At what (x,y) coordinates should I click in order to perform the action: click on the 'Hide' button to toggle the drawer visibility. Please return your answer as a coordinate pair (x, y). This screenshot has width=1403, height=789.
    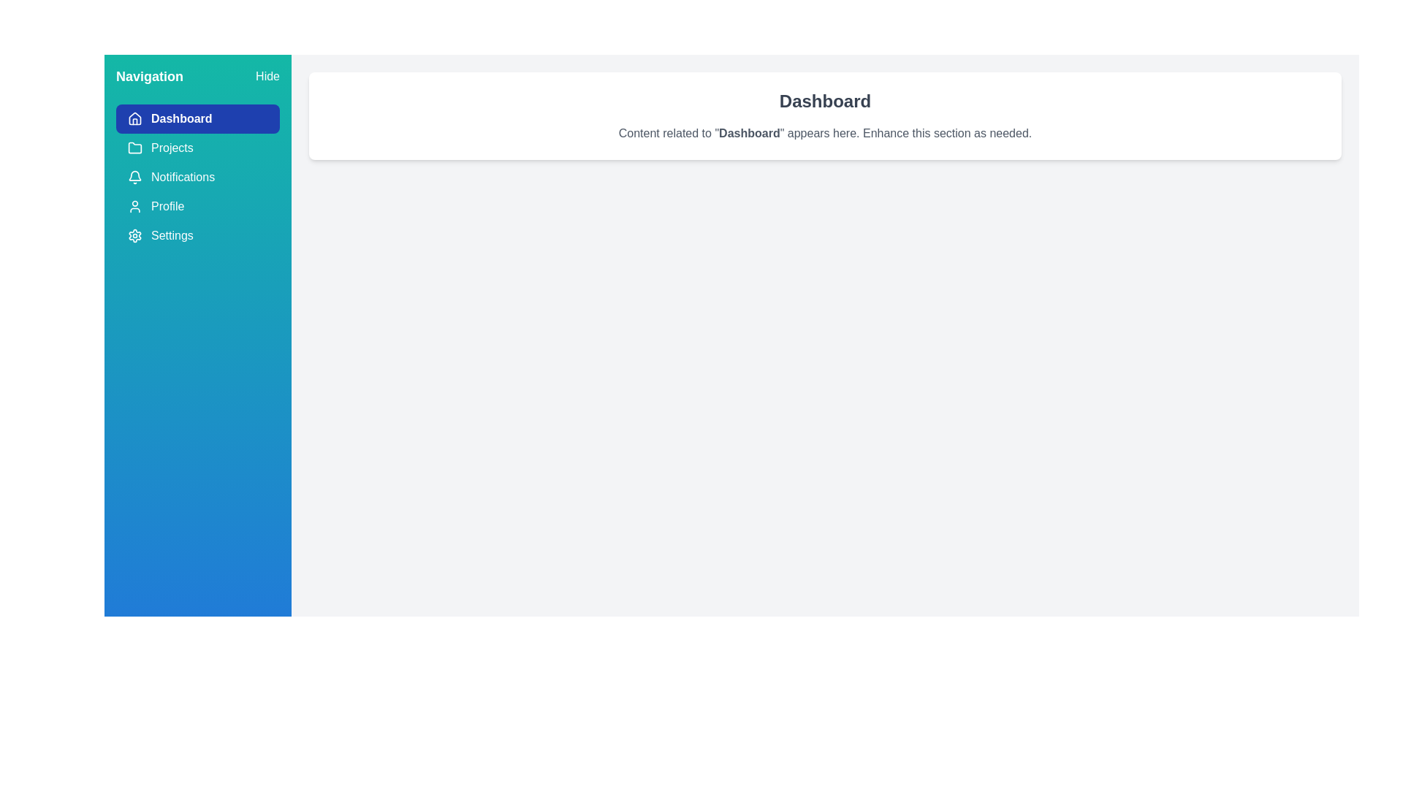
    Looking at the image, I should click on (267, 76).